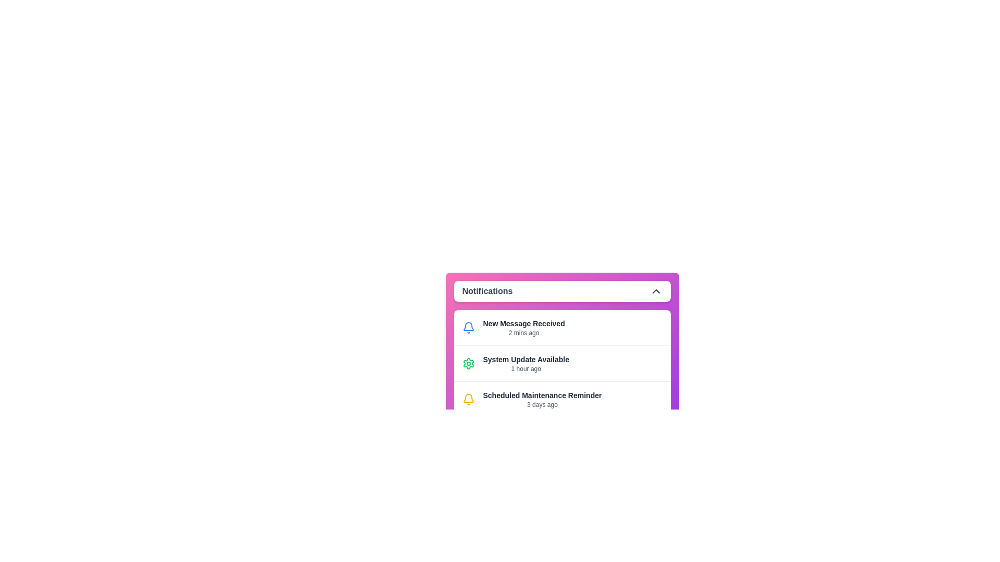 This screenshot has height=562, width=1000. Describe the element at coordinates (524, 333) in the screenshot. I see `timestamp displayed as '2 mins ago' in a small gray text format, positioned below the 'New Message Received' heading` at that location.